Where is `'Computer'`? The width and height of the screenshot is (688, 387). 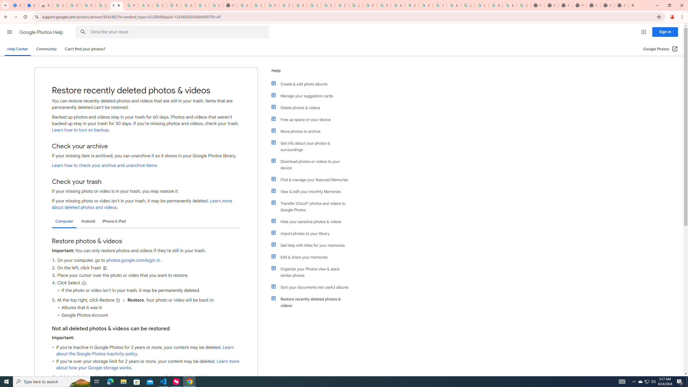 'Computer' is located at coordinates (64, 221).